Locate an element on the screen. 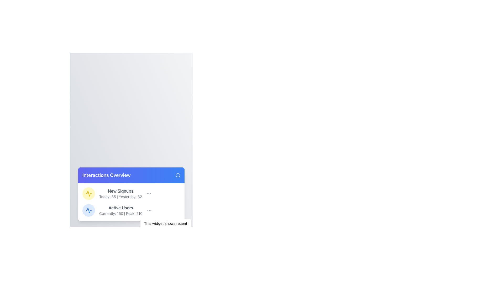 Image resolution: width=504 pixels, height=283 pixels. the yellow circular icon containing a waveform-like symbol in orange, located at the upper left corner of the 'New Signups' section in the 'Interactions Overview' card is located at coordinates (88, 194).